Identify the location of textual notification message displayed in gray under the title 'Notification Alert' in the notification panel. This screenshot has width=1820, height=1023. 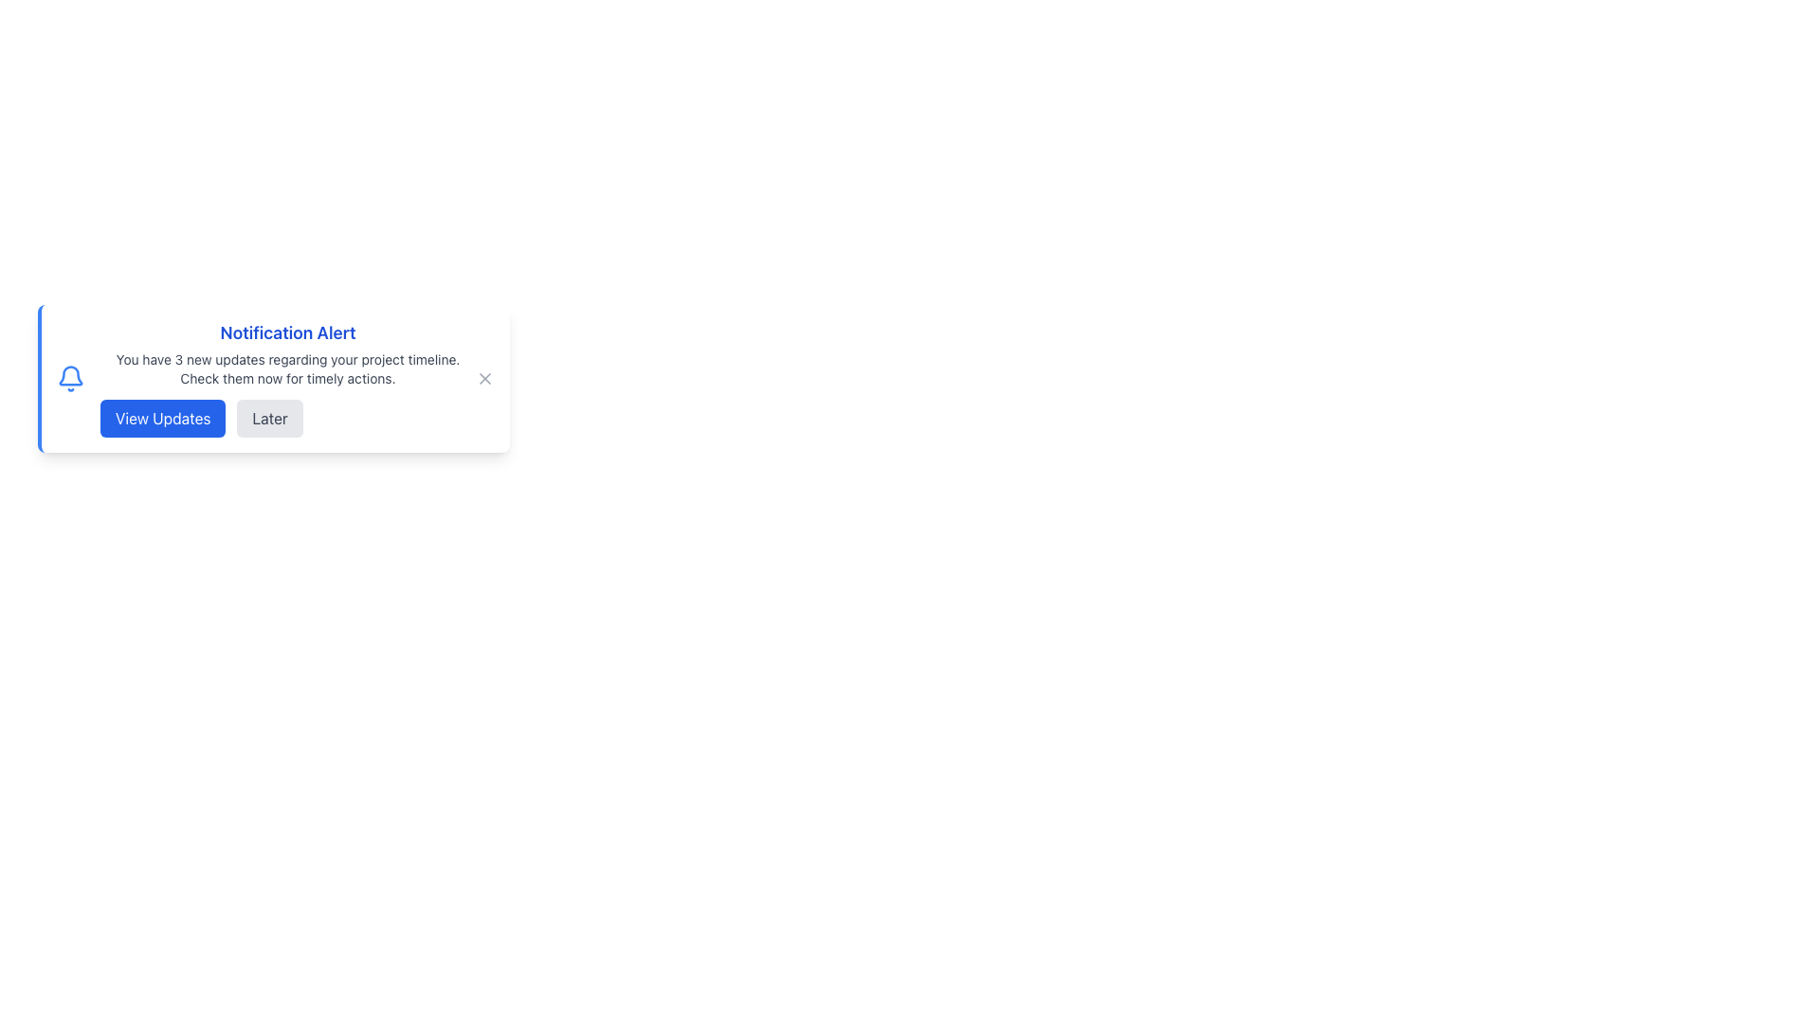
(286, 368).